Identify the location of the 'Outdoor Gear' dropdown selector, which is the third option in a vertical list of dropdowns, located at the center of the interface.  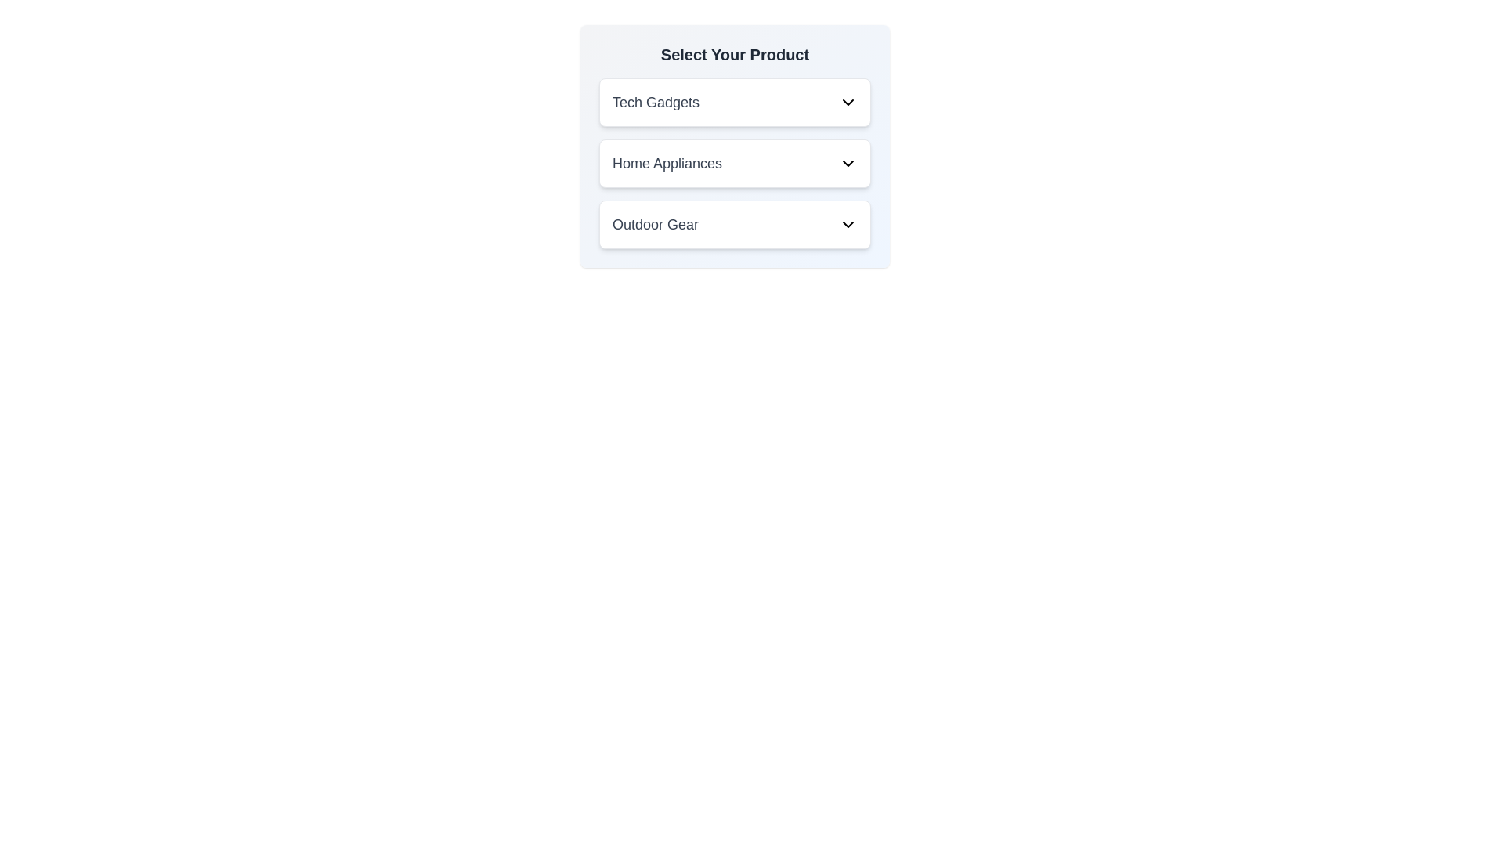
(734, 224).